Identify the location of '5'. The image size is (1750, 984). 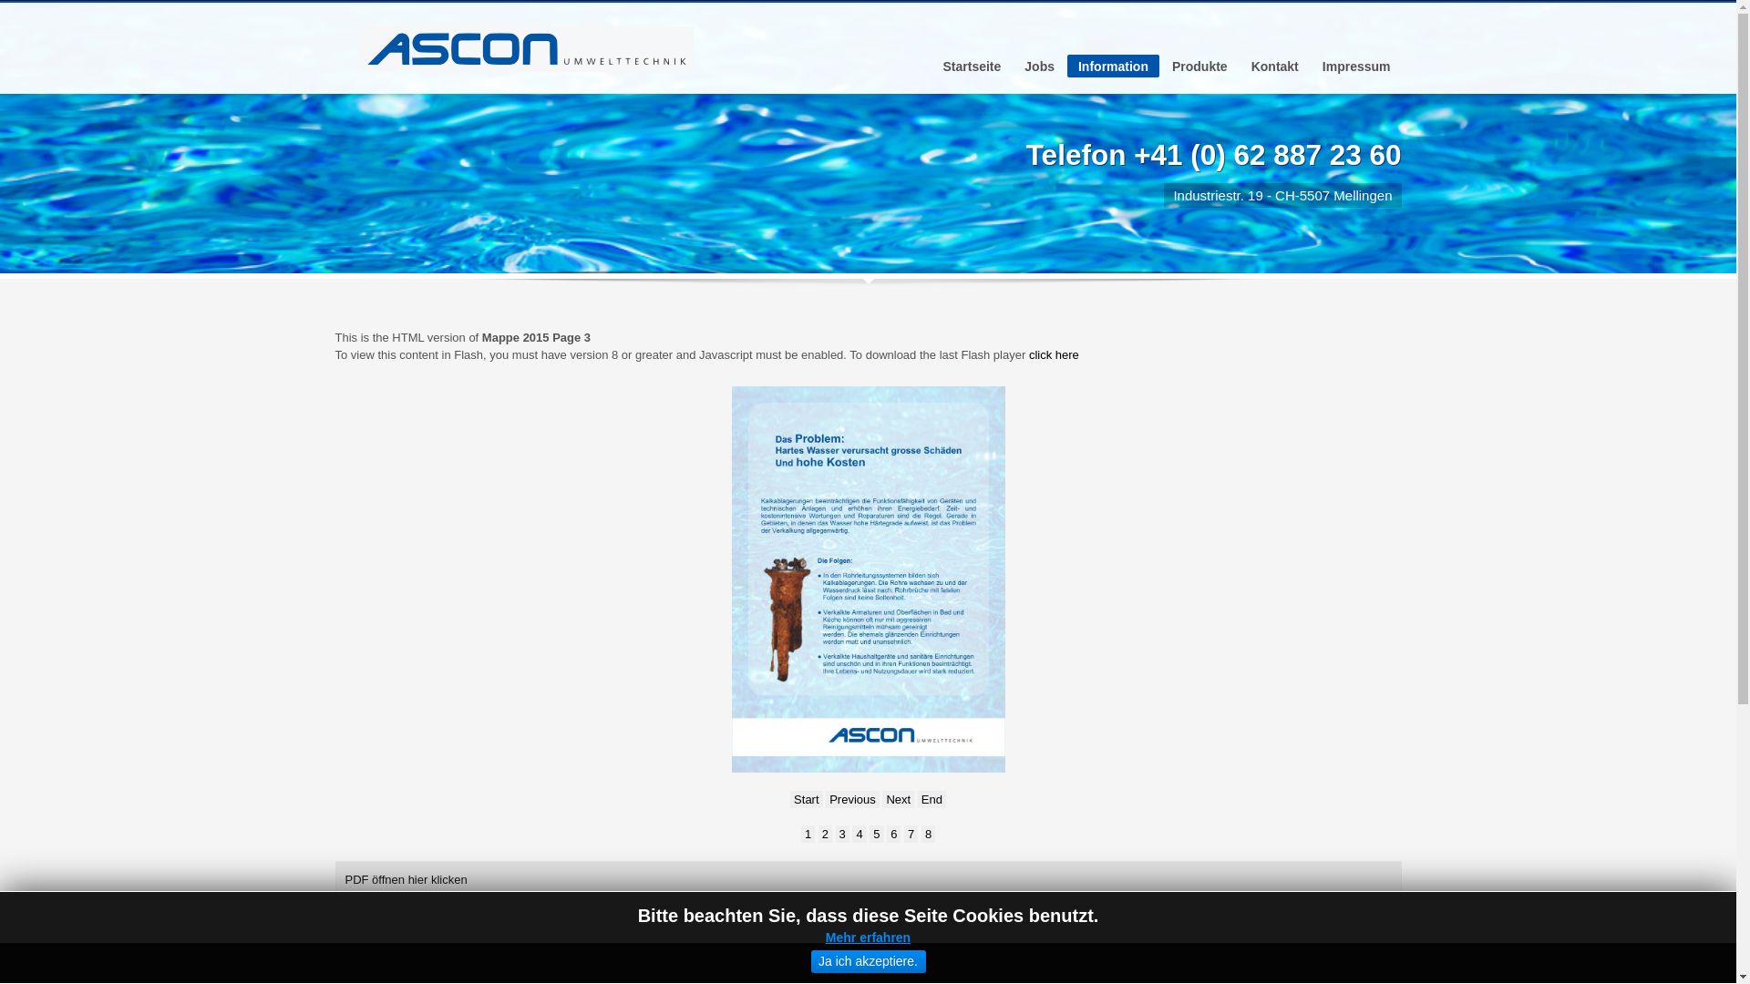
(869, 834).